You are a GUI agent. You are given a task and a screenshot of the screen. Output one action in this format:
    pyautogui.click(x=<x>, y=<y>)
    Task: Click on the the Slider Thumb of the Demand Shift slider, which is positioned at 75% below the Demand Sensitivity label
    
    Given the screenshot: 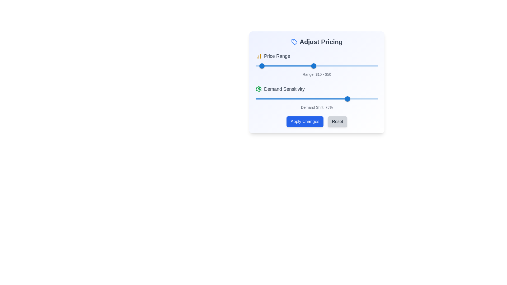 What is the action you would take?
    pyautogui.click(x=347, y=99)
    